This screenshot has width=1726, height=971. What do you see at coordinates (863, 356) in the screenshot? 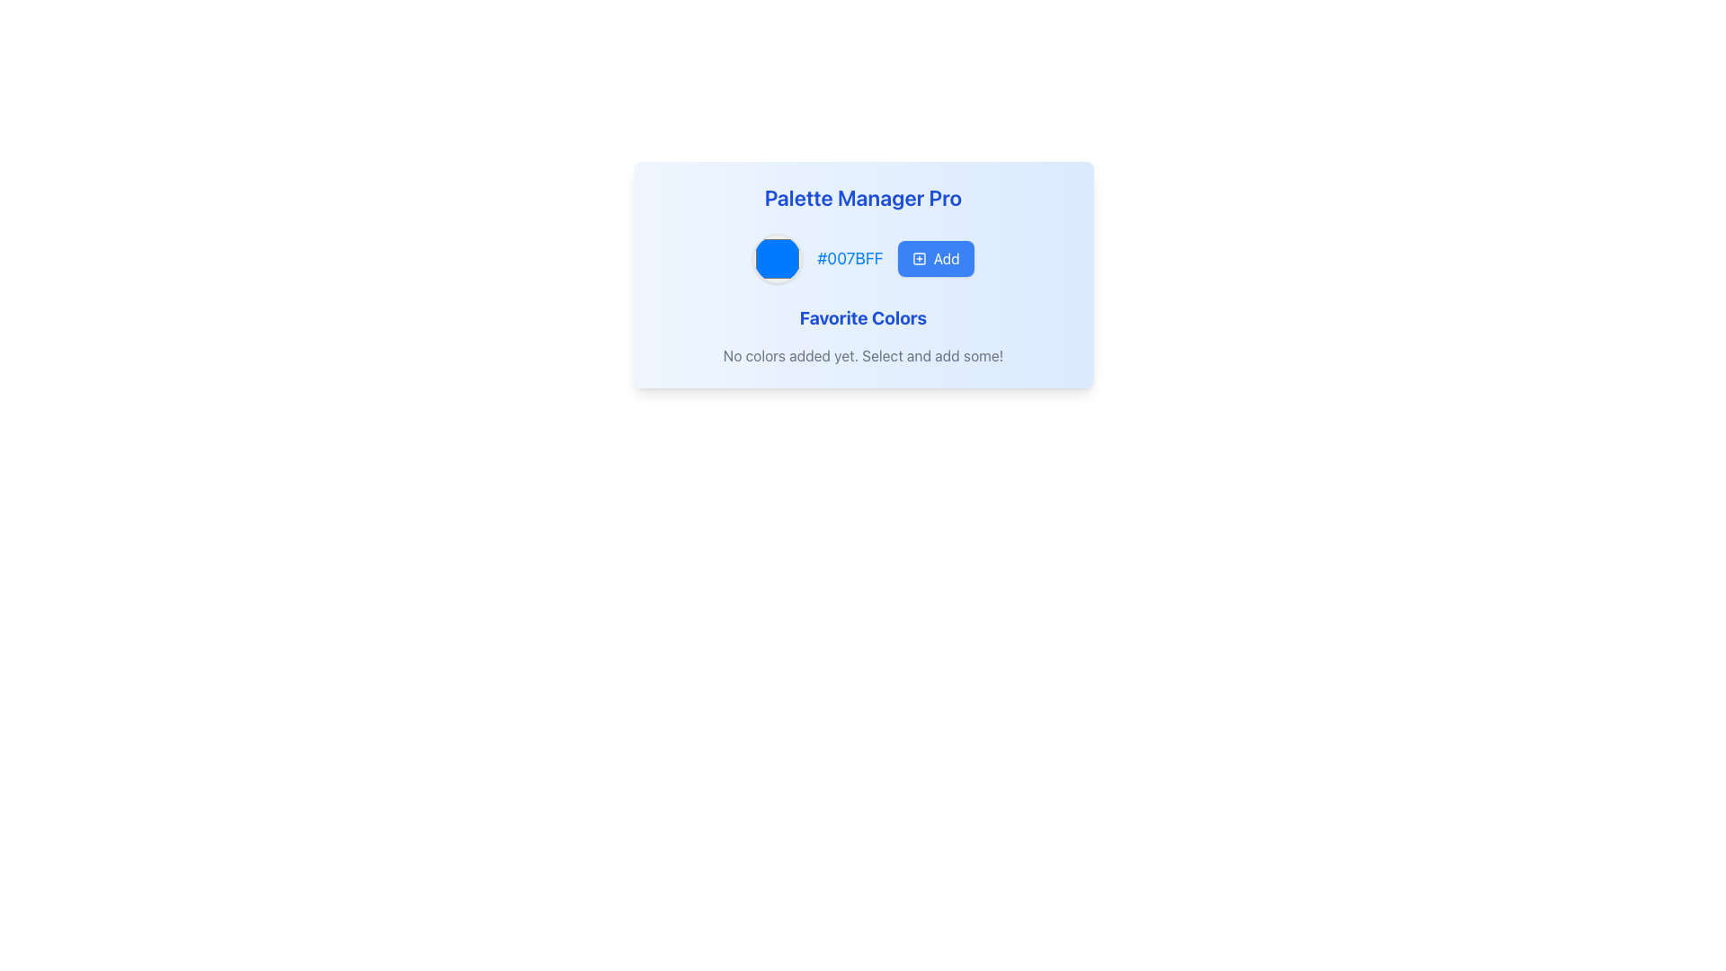
I see `the informative text prompting the user to add colors located beneath the 'Favorite Colors' heading` at bounding box center [863, 356].